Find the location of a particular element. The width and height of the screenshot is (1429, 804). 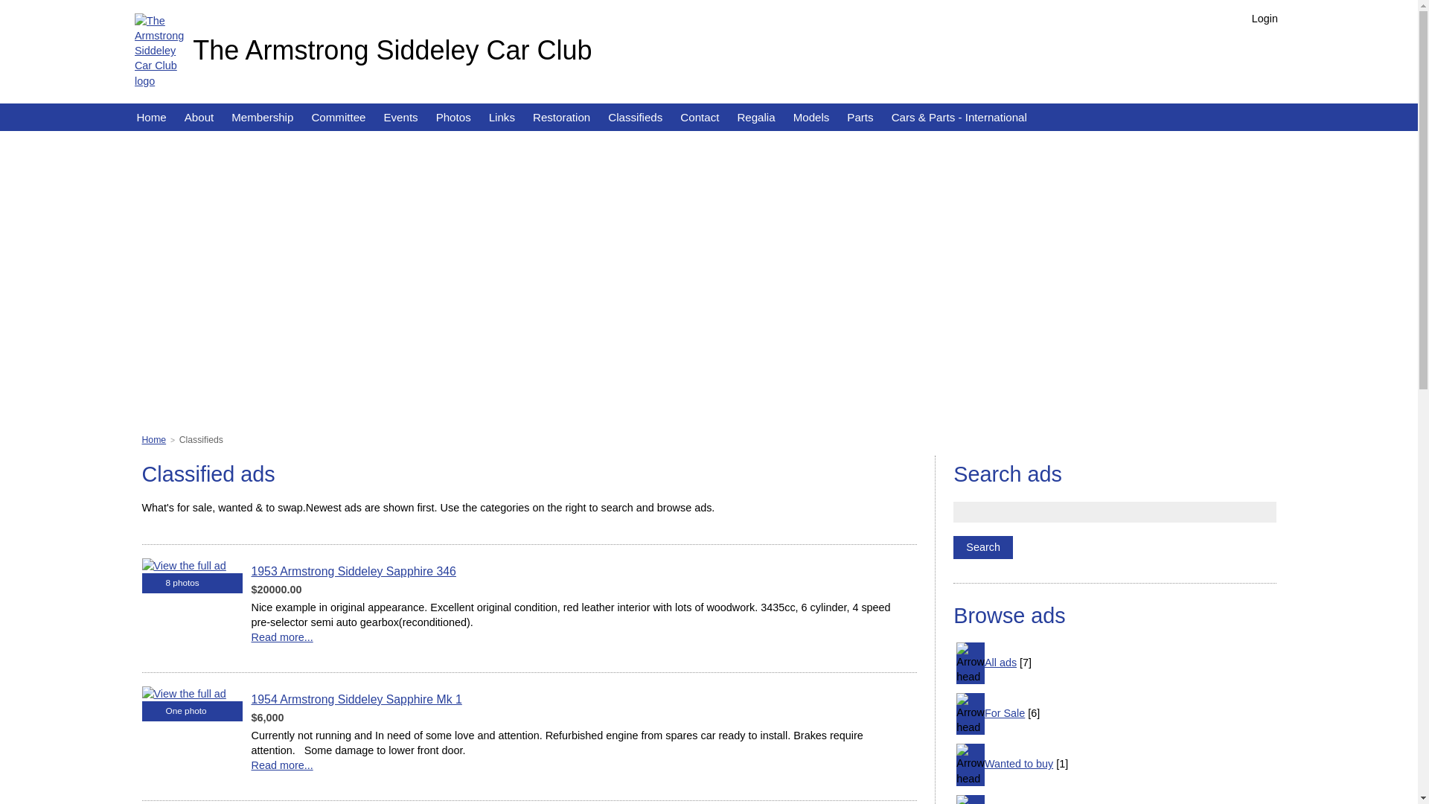

'Models' is located at coordinates (811, 117).